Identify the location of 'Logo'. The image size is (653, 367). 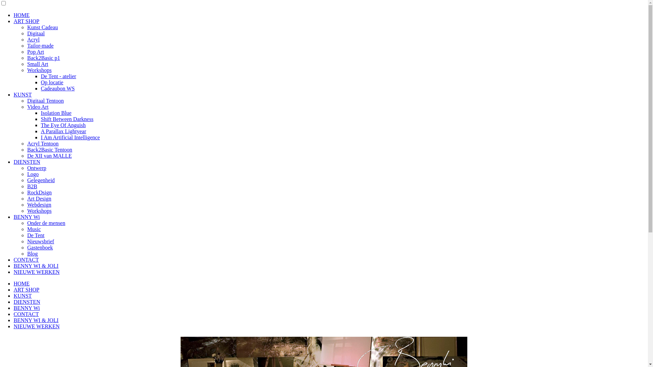
(32, 174).